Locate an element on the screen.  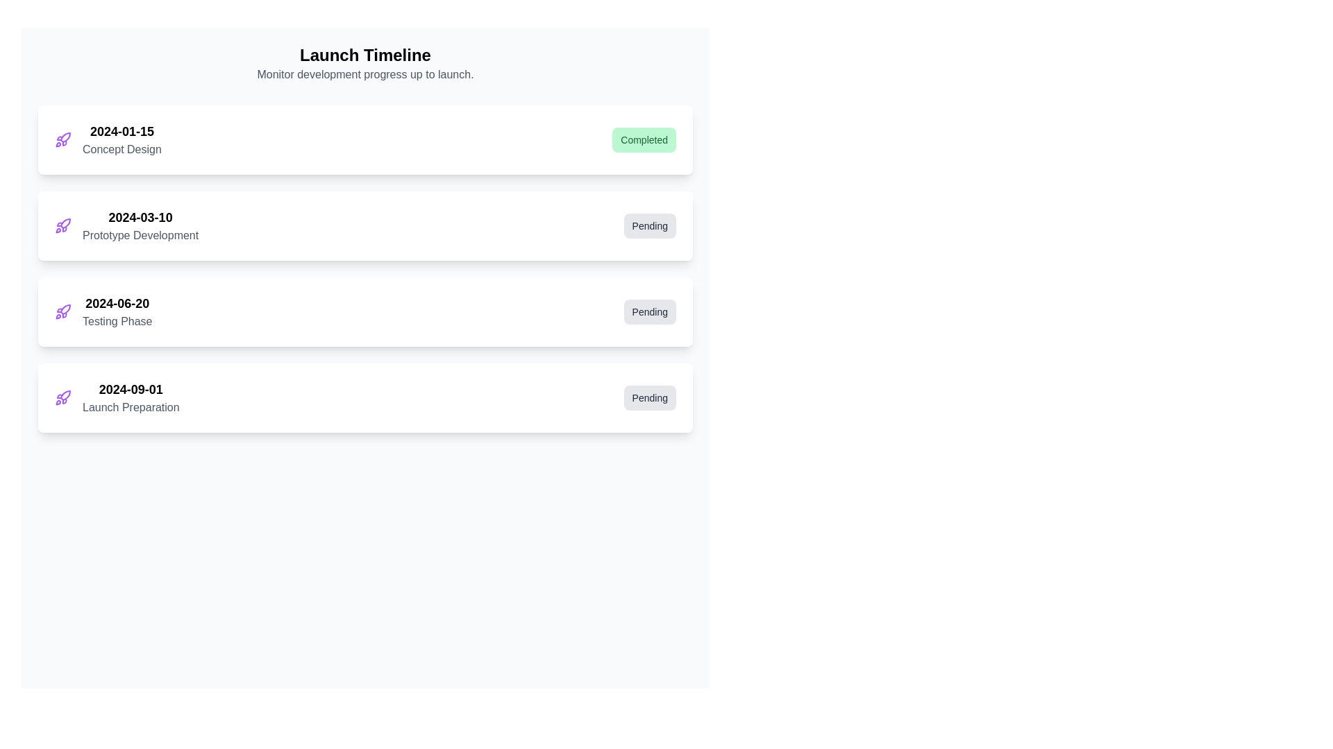
the text displaying the date '2024-06-20' which is part of a timeline description, positioned above 'Testing Phase' and to the right of the rocket icon is located at coordinates (117, 303).